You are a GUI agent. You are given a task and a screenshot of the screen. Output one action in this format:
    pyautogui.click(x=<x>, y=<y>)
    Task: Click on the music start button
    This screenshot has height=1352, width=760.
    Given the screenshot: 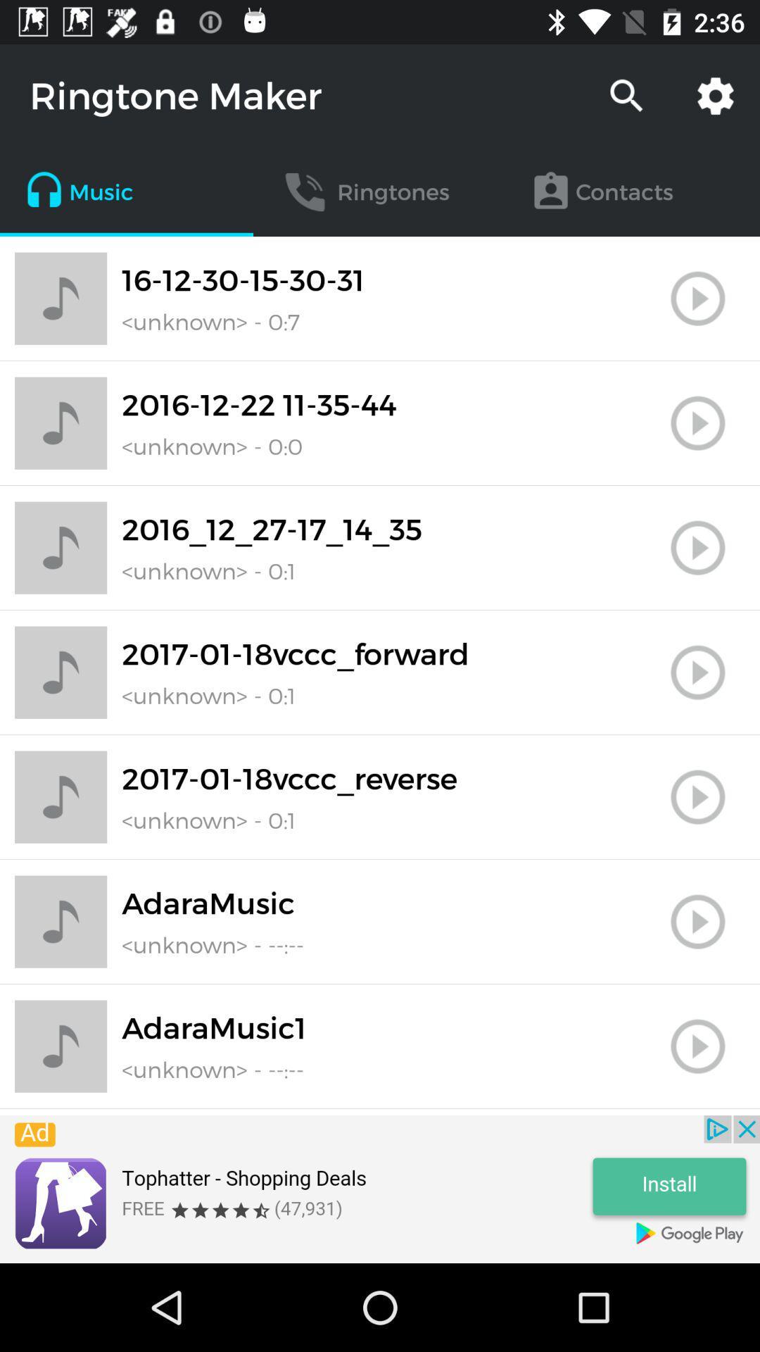 What is the action you would take?
    pyautogui.click(x=697, y=423)
    